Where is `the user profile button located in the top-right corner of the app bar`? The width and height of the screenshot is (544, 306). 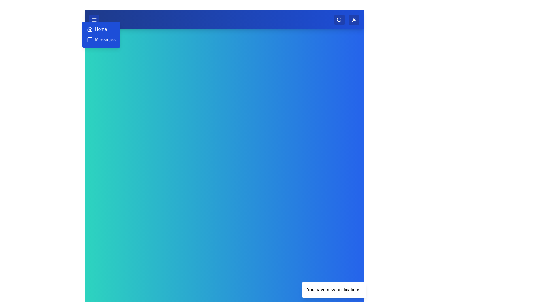
the user profile button located in the top-right corner of the app bar is located at coordinates (354, 19).